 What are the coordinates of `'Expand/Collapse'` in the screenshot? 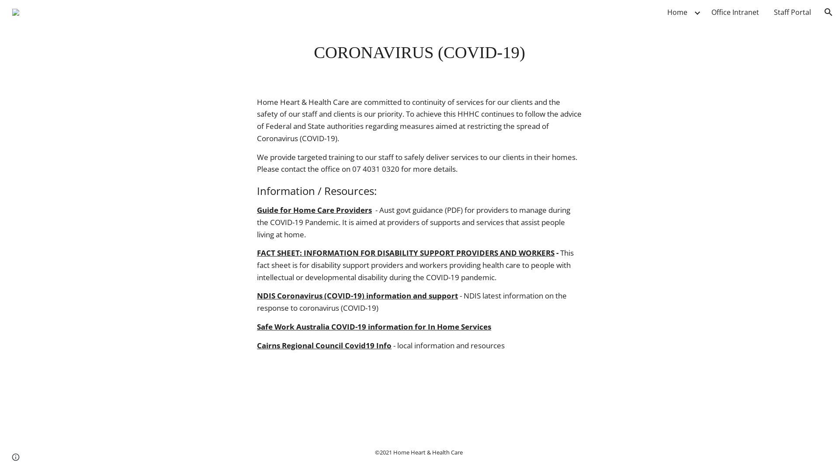 It's located at (692, 12).